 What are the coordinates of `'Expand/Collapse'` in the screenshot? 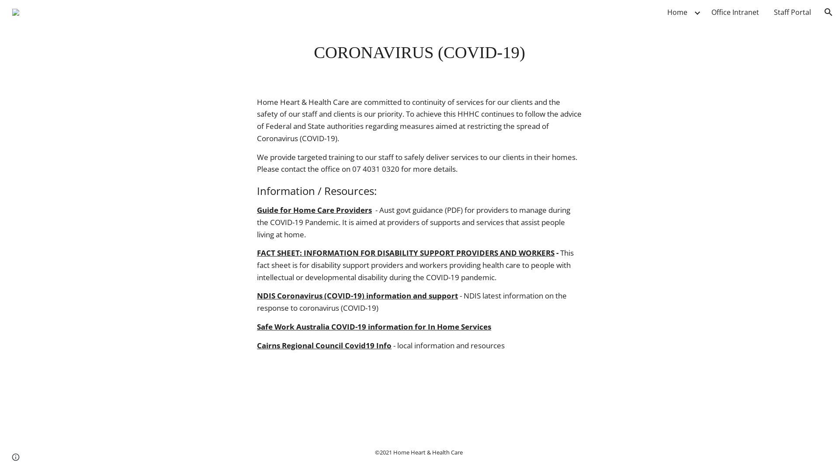 It's located at (692, 12).